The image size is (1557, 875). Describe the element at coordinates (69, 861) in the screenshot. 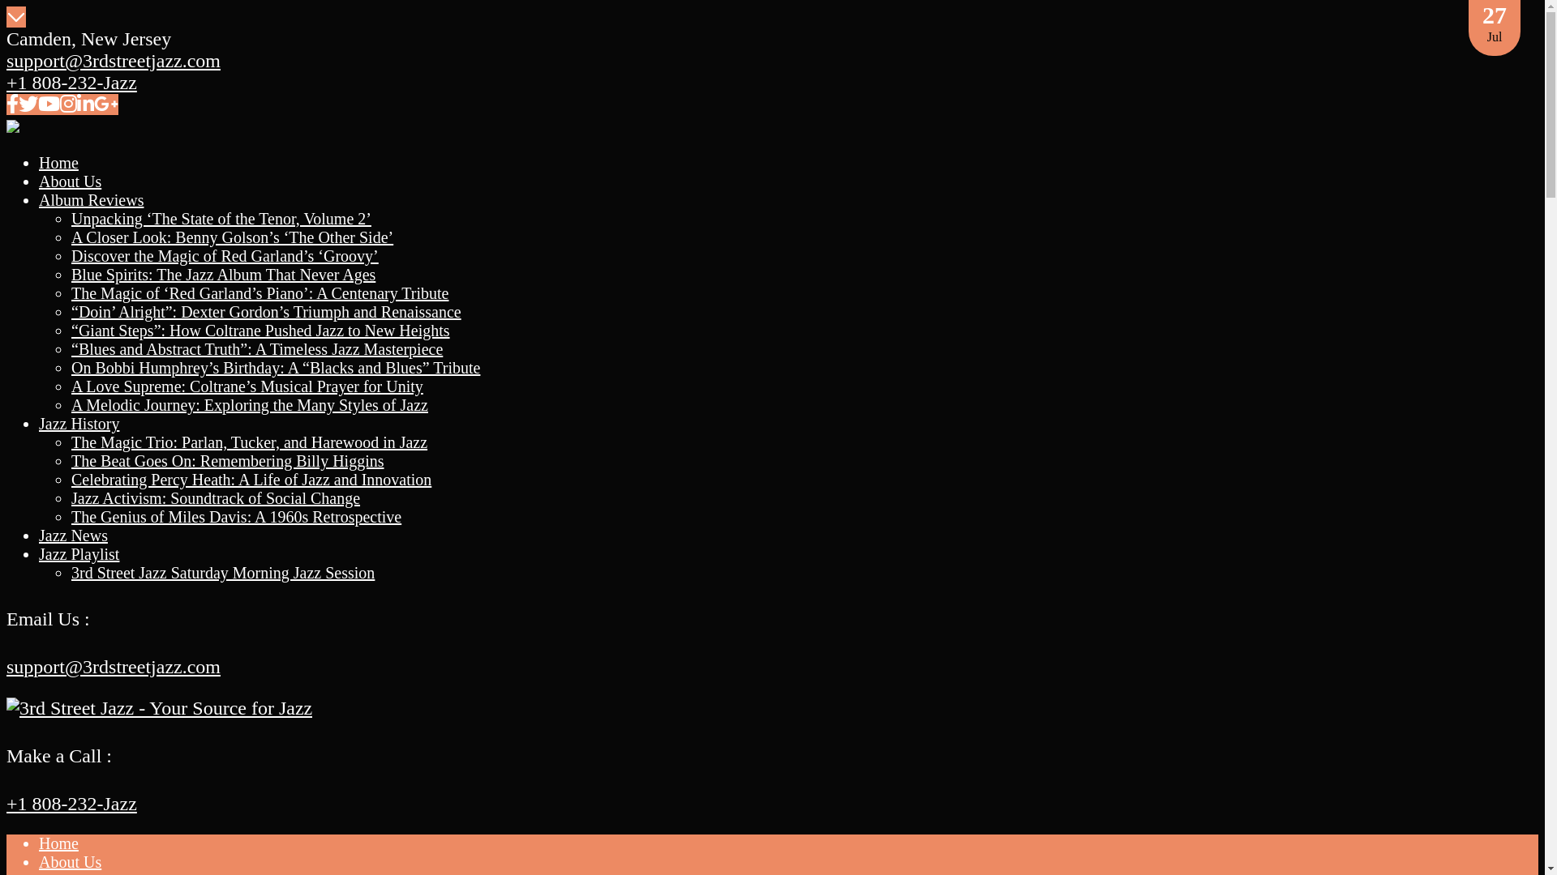

I see `'About Us'` at that location.